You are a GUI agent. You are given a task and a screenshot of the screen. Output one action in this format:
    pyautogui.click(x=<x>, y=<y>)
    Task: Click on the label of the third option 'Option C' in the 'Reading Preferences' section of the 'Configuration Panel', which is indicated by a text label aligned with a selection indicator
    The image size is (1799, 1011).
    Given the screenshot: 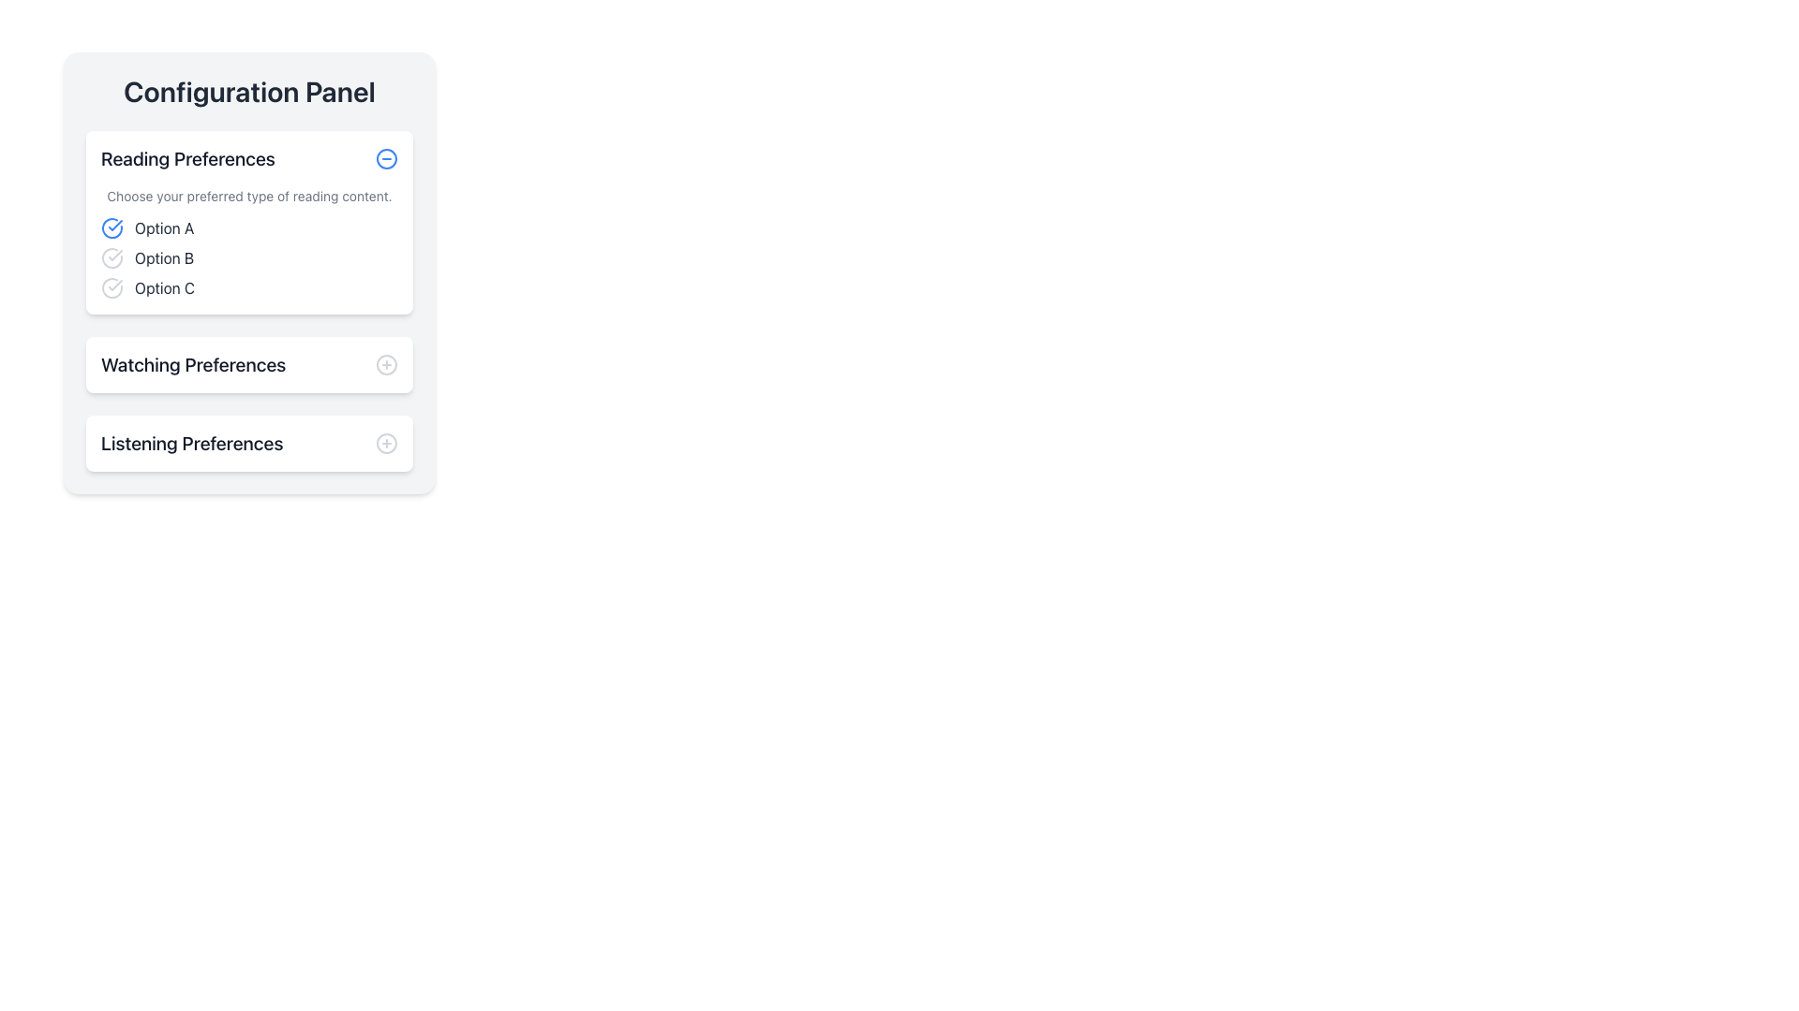 What is the action you would take?
    pyautogui.click(x=165, y=288)
    